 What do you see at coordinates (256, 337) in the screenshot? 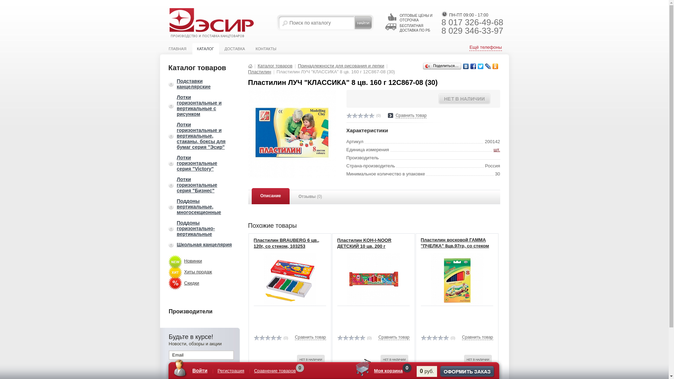
I see `'1'` at bounding box center [256, 337].